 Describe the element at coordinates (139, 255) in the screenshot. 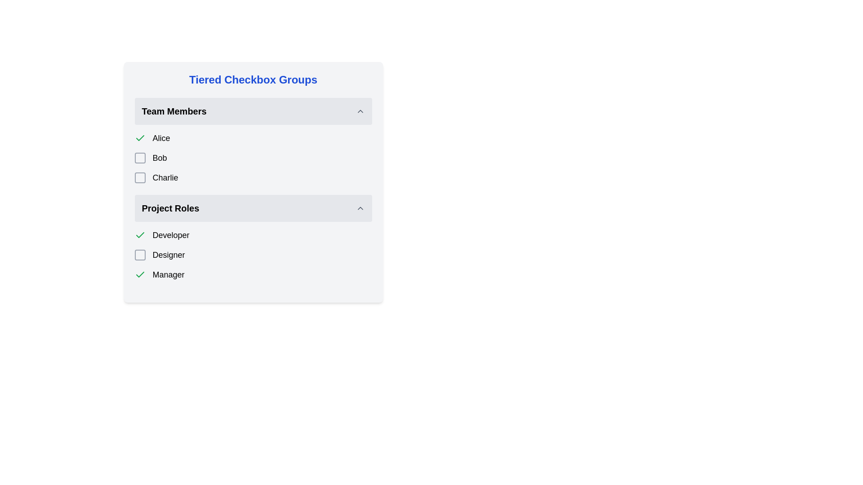

I see `the 'Designer' role checkbox` at that location.